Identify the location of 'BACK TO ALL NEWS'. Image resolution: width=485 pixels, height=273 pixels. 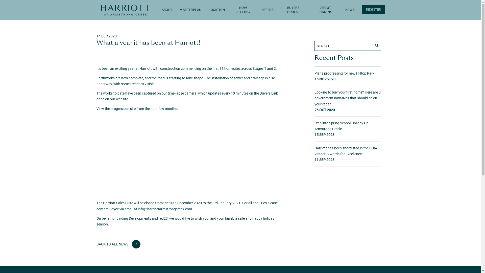
(118, 244).